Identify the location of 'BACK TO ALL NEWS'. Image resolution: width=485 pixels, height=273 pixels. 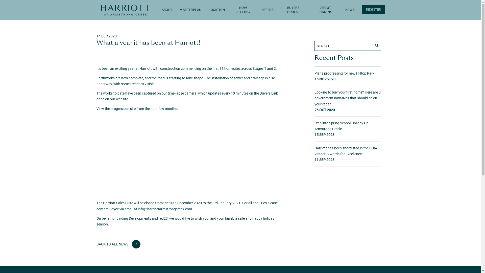
(118, 244).